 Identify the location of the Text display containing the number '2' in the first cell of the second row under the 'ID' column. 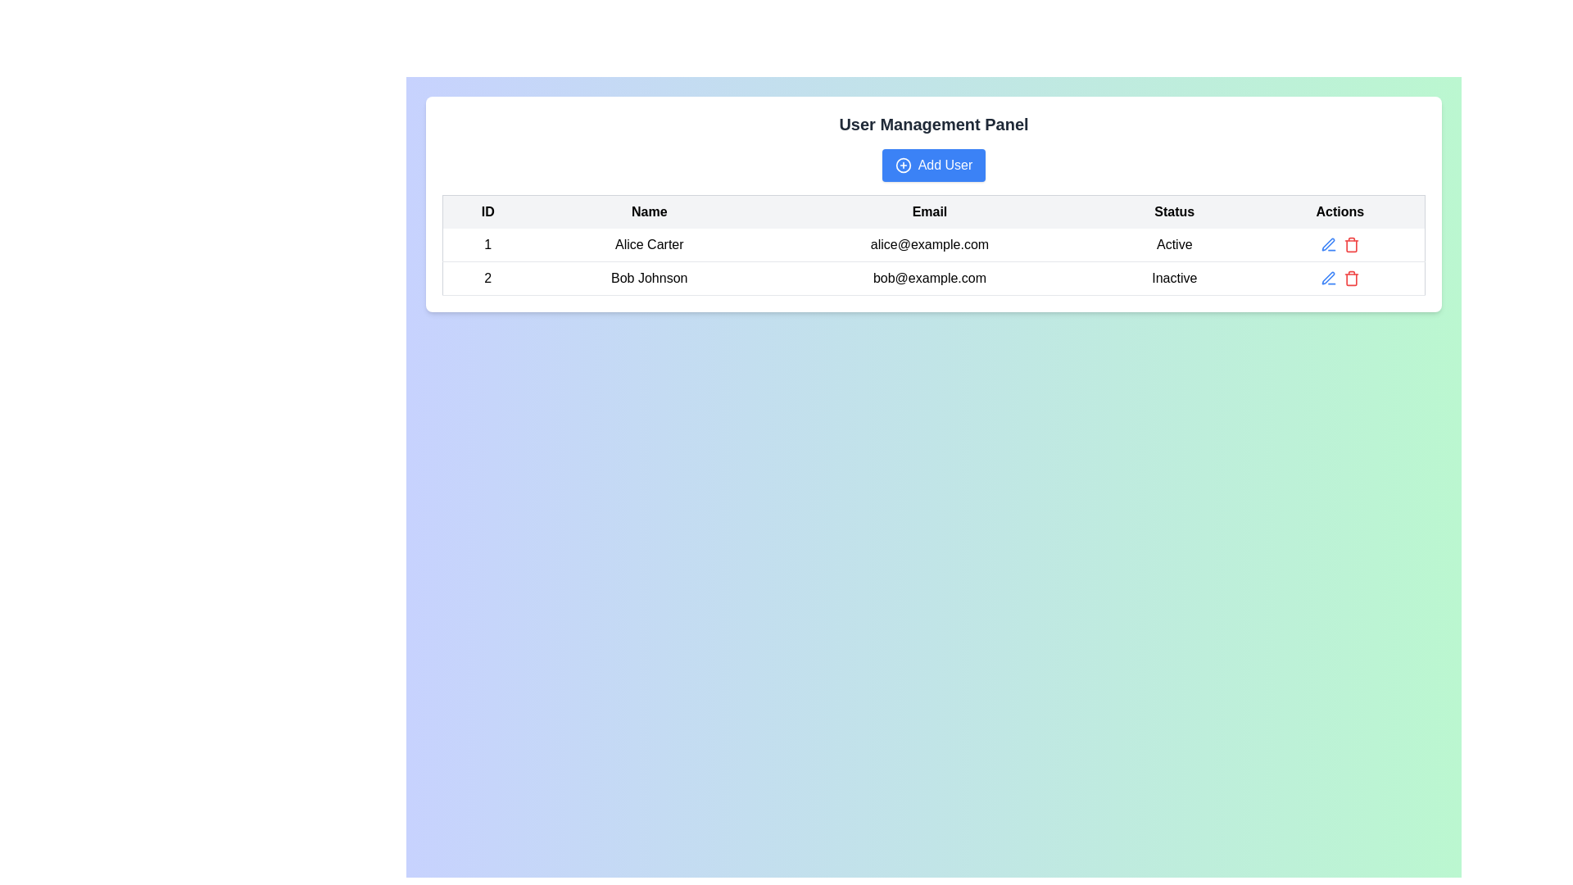
(487, 277).